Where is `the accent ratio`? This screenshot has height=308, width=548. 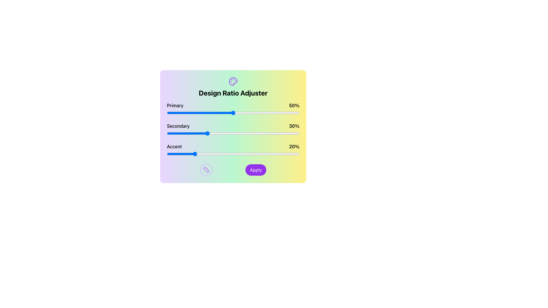 the accent ratio is located at coordinates (226, 154).